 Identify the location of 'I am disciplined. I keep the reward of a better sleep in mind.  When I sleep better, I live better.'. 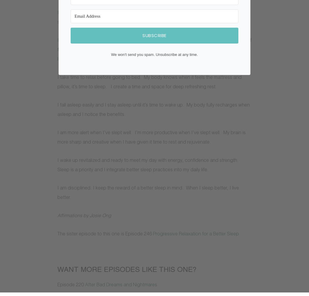
(148, 193).